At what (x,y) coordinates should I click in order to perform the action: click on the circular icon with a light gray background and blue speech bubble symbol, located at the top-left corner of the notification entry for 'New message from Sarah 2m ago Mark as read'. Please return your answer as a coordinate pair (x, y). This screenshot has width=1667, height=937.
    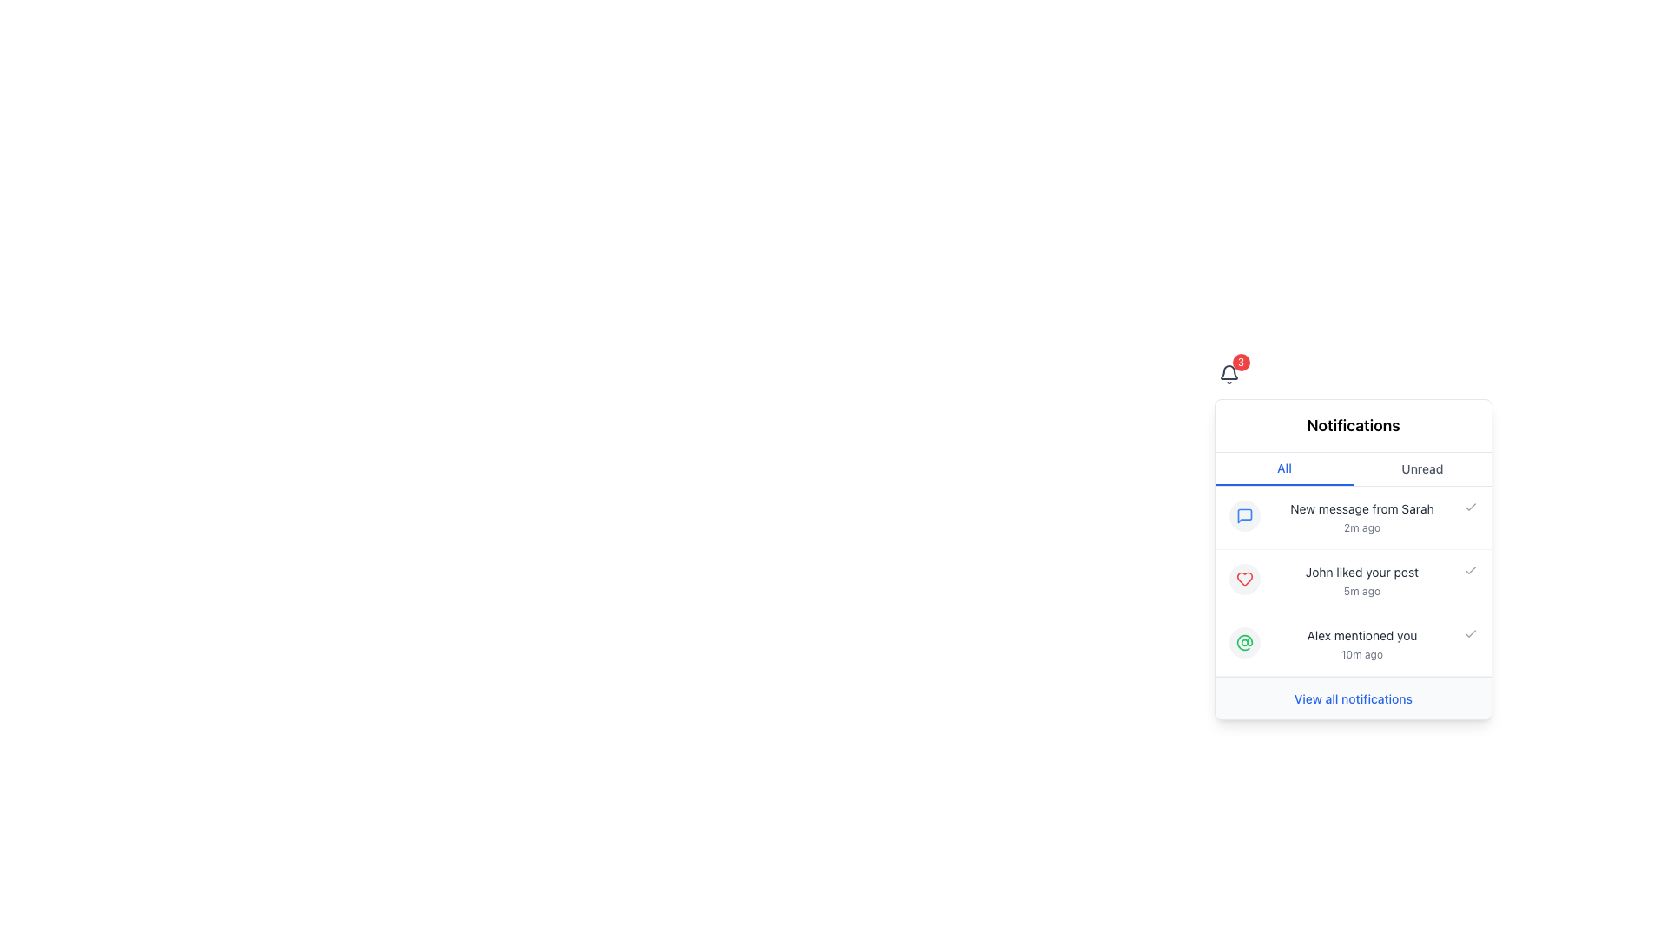
    Looking at the image, I should click on (1244, 514).